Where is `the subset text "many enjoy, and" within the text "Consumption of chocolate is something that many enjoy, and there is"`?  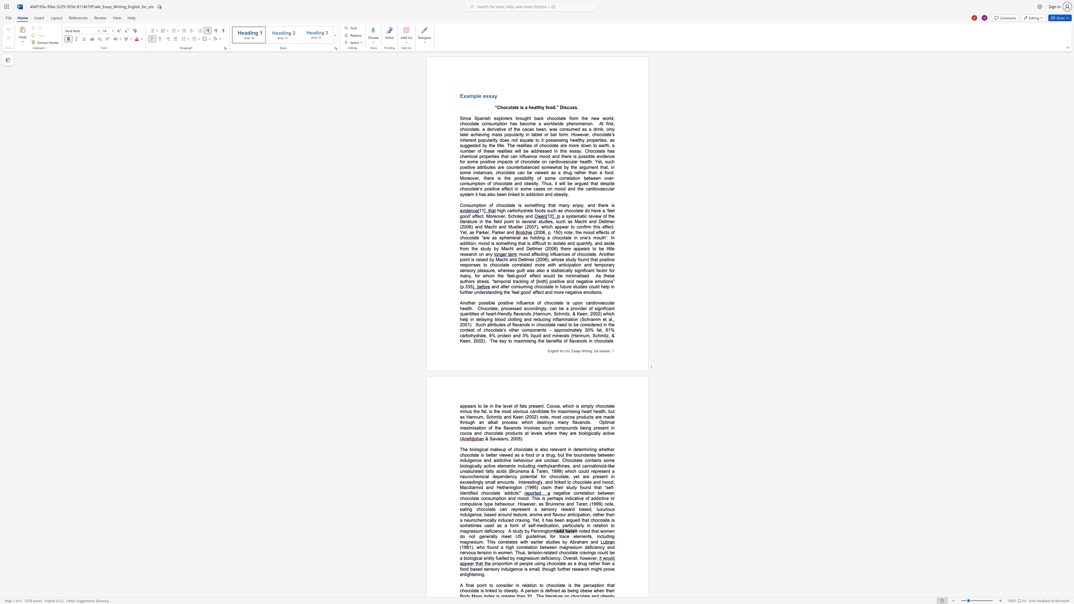 the subset text "many enjoy, and" within the text "Consumption of chocolate is something that many enjoy, and there is" is located at coordinates (558, 205).